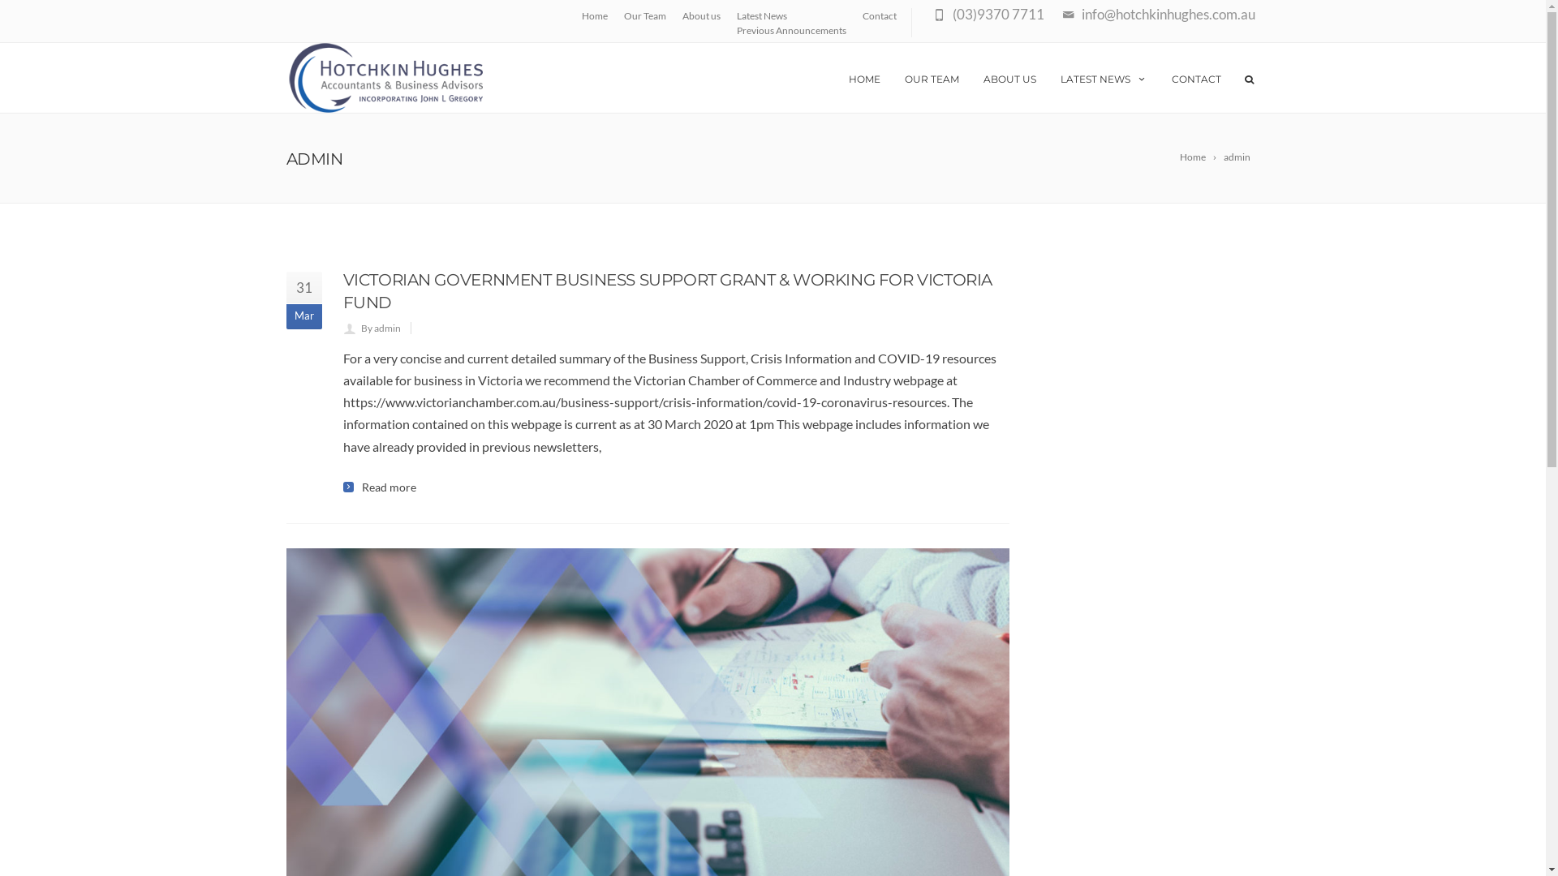 This screenshot has height=876, width=1558. I want to click on 'LATEST NEWS', so click(1104, 78).